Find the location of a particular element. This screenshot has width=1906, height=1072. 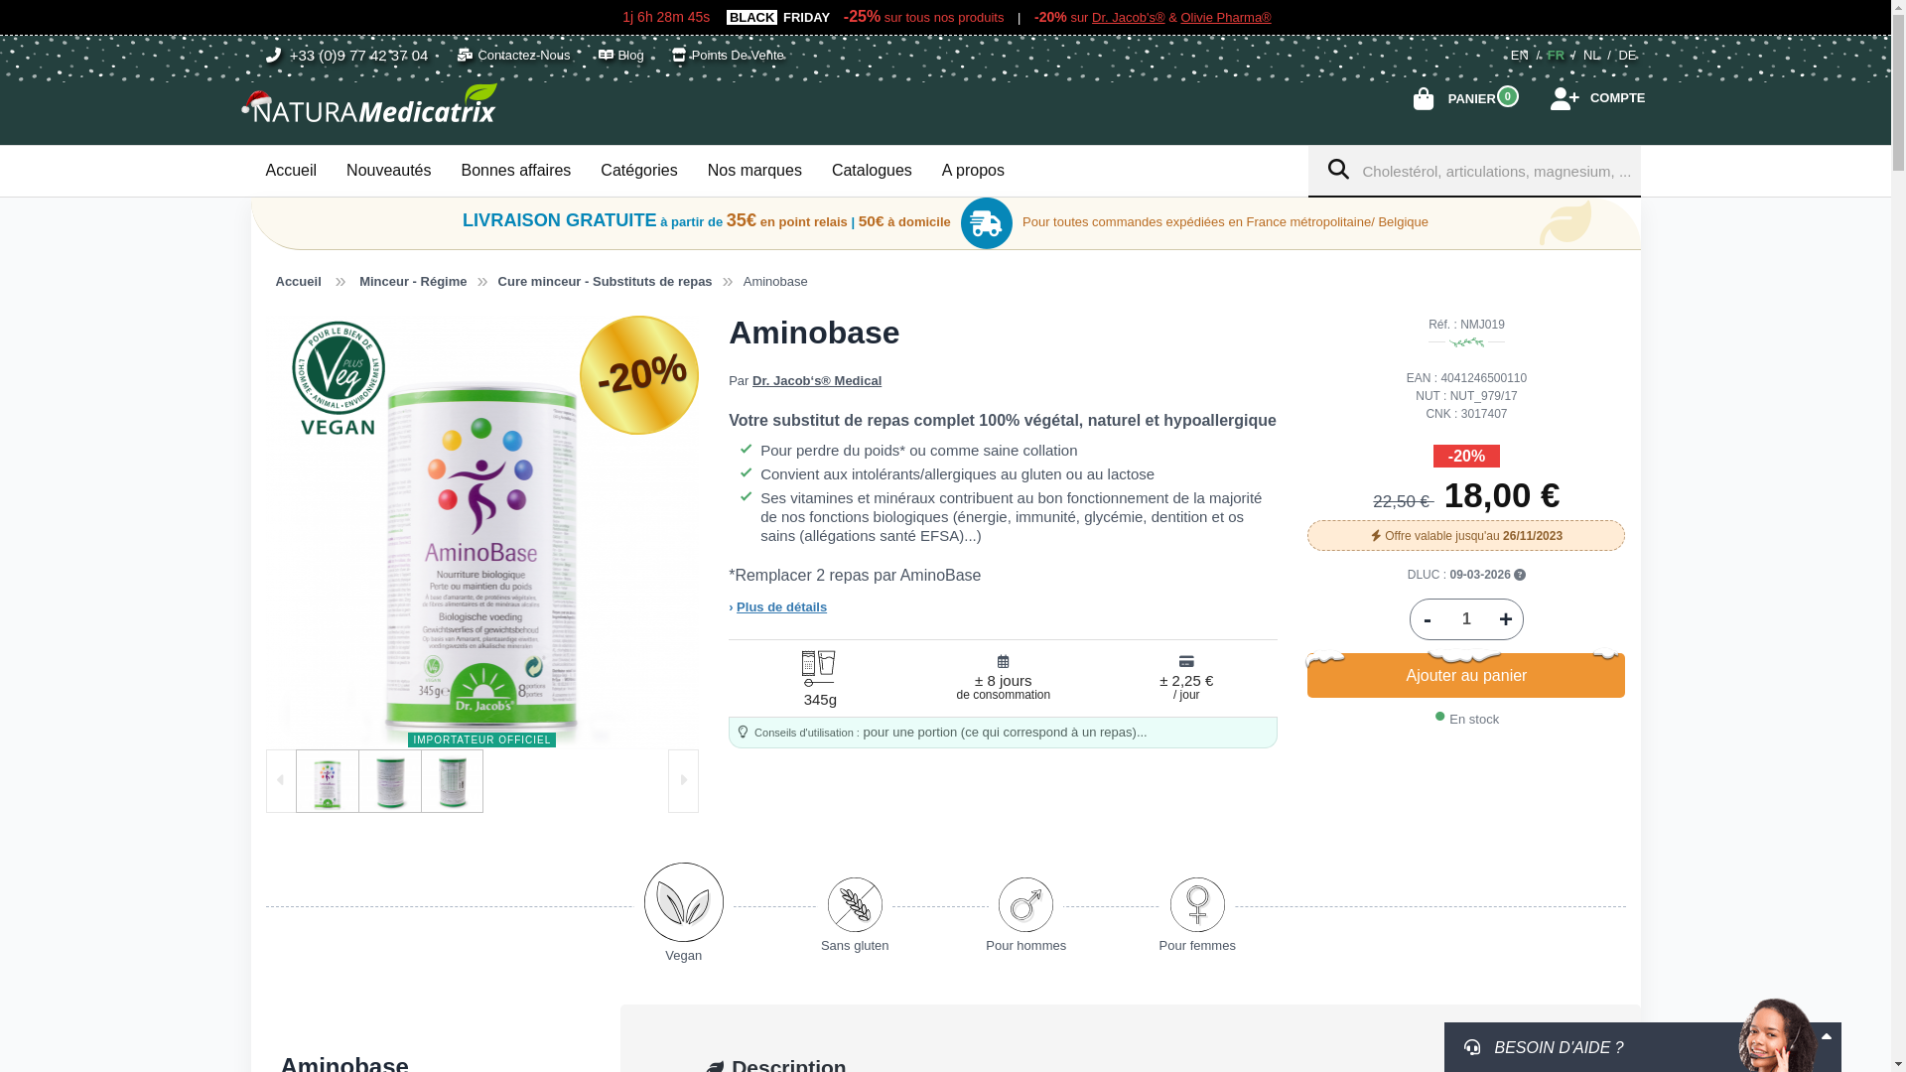

'NL' is located at coordinates (1591, 55).